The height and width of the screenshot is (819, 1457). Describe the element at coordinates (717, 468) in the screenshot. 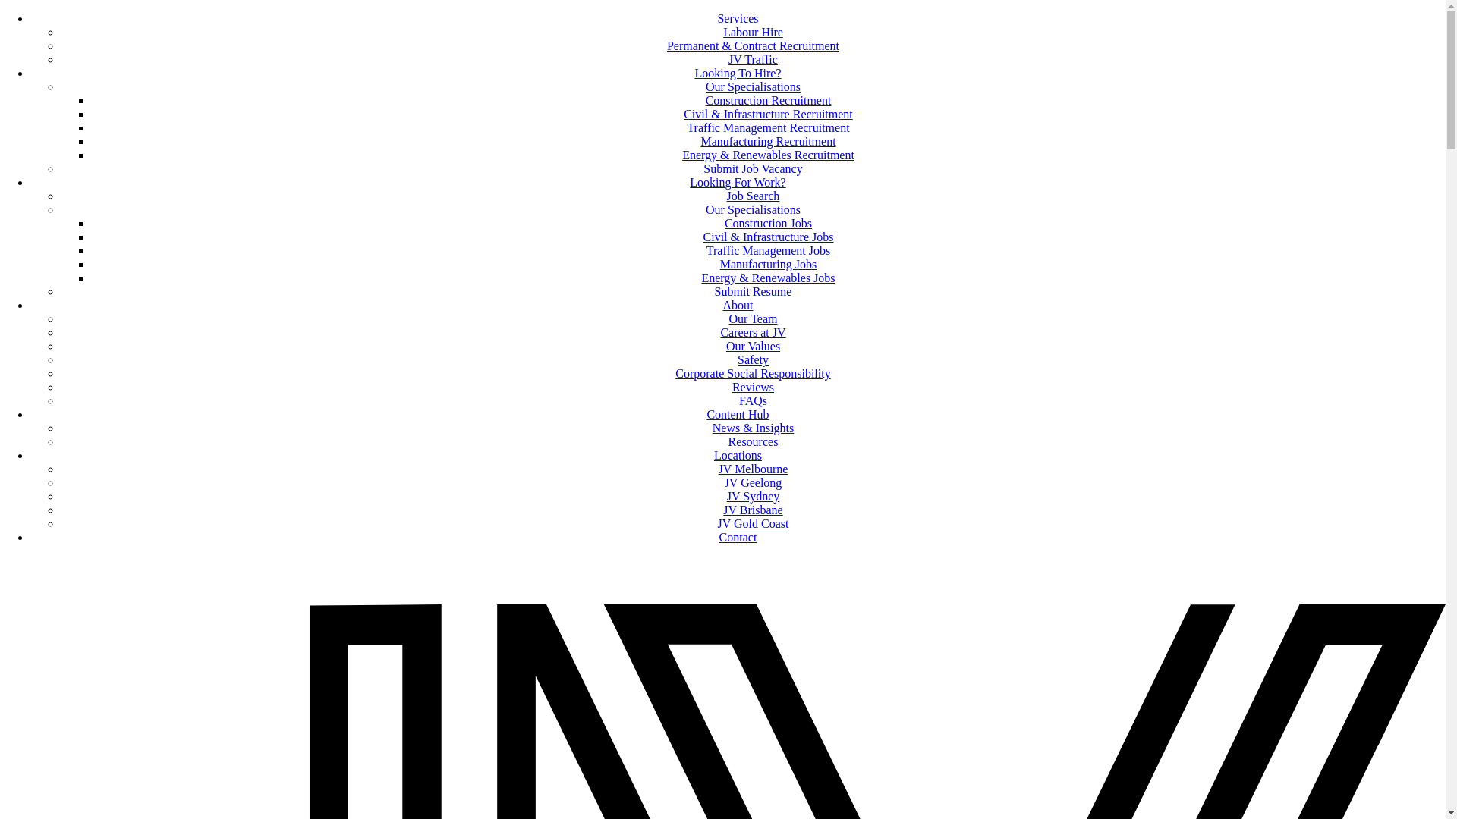

I see `'JV Melbourne'` at that location.